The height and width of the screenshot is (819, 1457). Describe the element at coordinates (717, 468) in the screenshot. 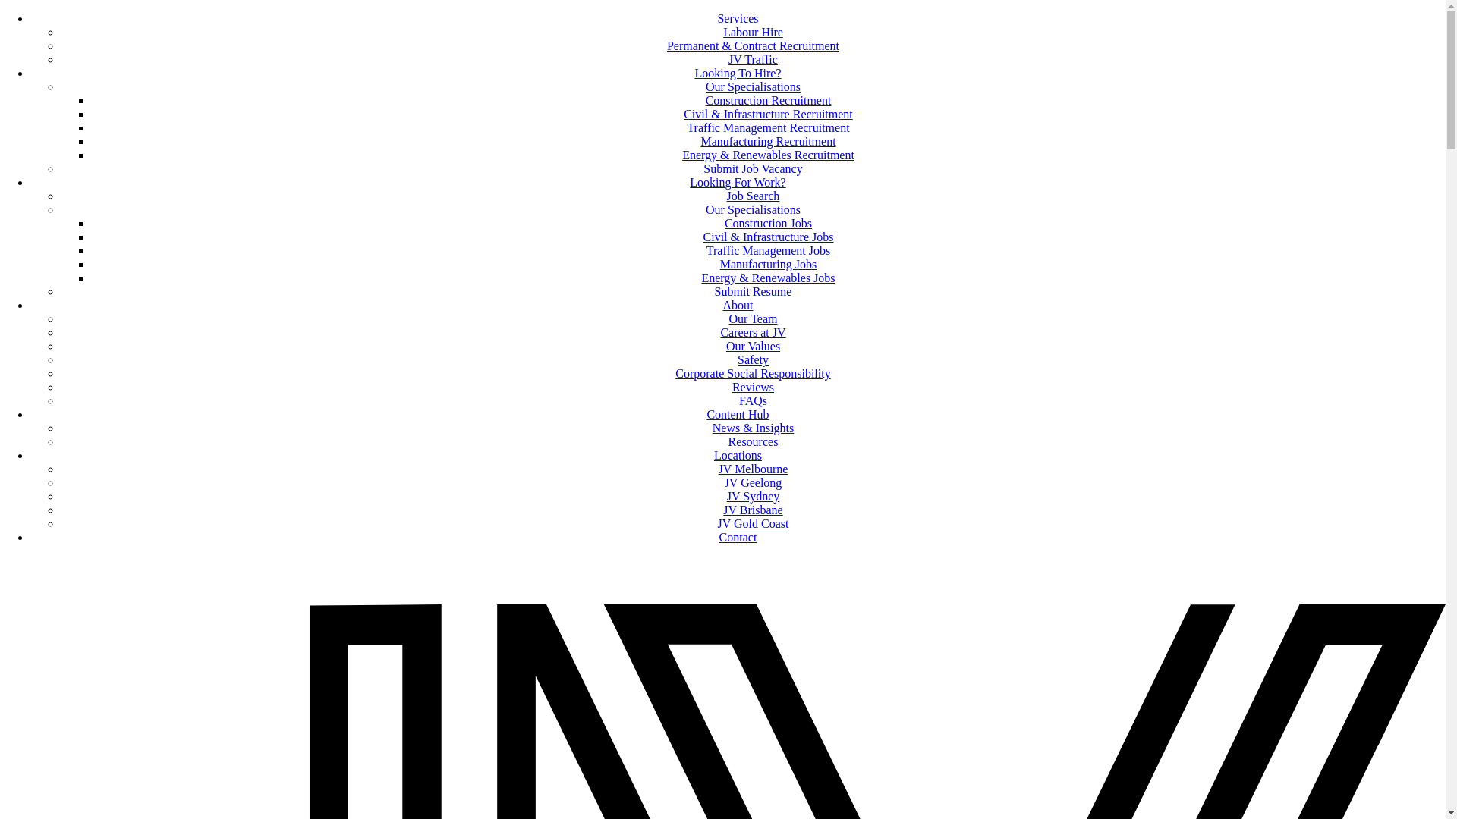

I see `'JV Melbourne'` at that location.